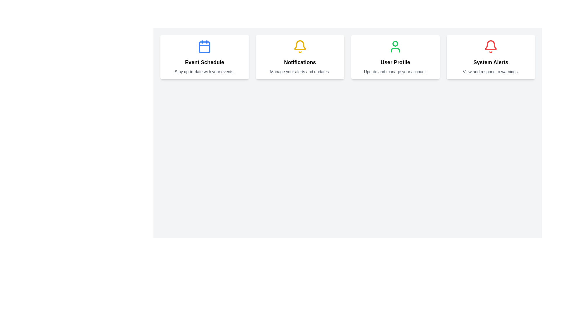  What do you see at coordinates (300, 71) in the screenshot?
I see `the text label that provides additional descriptive information about the 'Notifications' section, located below the bold text 'Notifications' and adjacent to a bell icon` at bounding box center [300, 71].